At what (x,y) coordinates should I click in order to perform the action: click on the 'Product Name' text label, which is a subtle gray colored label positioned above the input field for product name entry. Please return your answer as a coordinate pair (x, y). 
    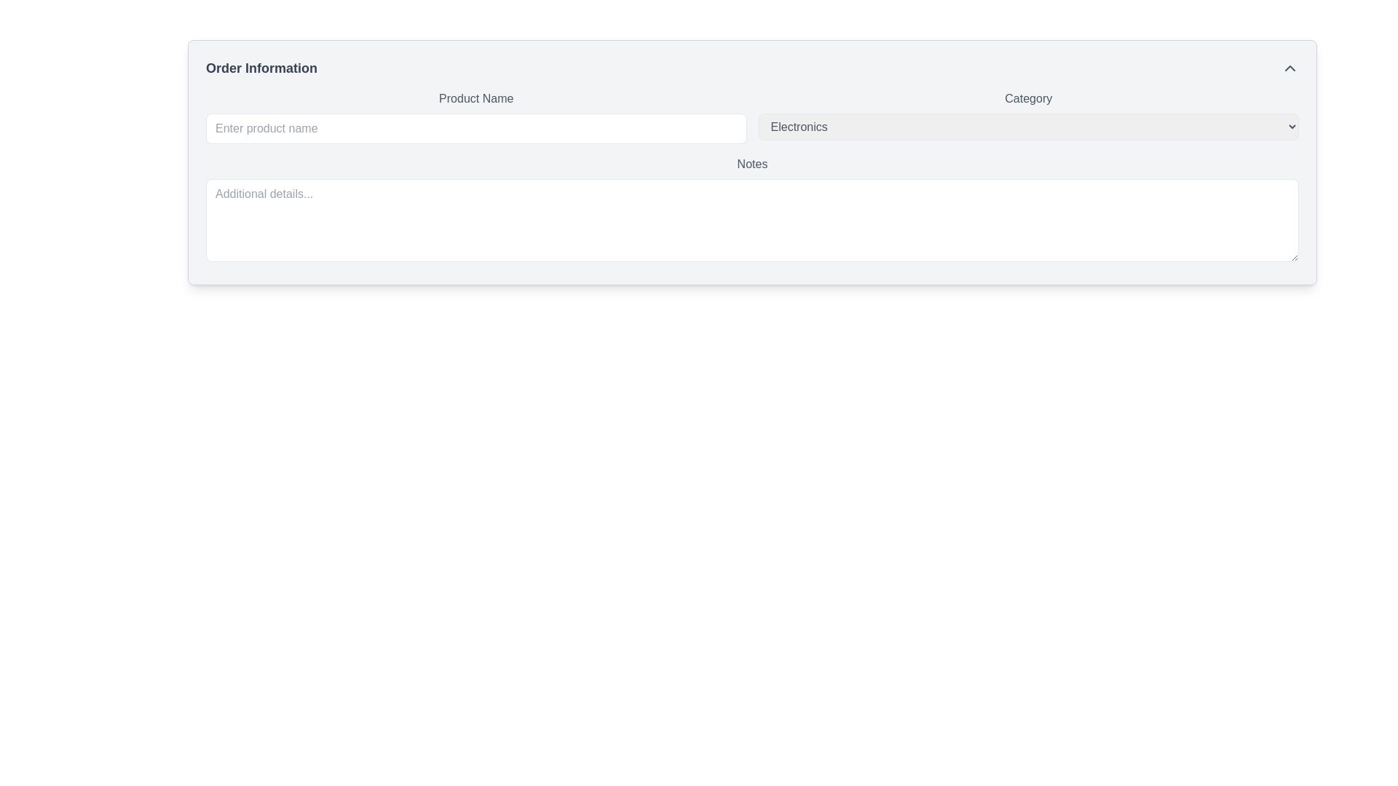
    Looking at the image, I should click on (476, 98).